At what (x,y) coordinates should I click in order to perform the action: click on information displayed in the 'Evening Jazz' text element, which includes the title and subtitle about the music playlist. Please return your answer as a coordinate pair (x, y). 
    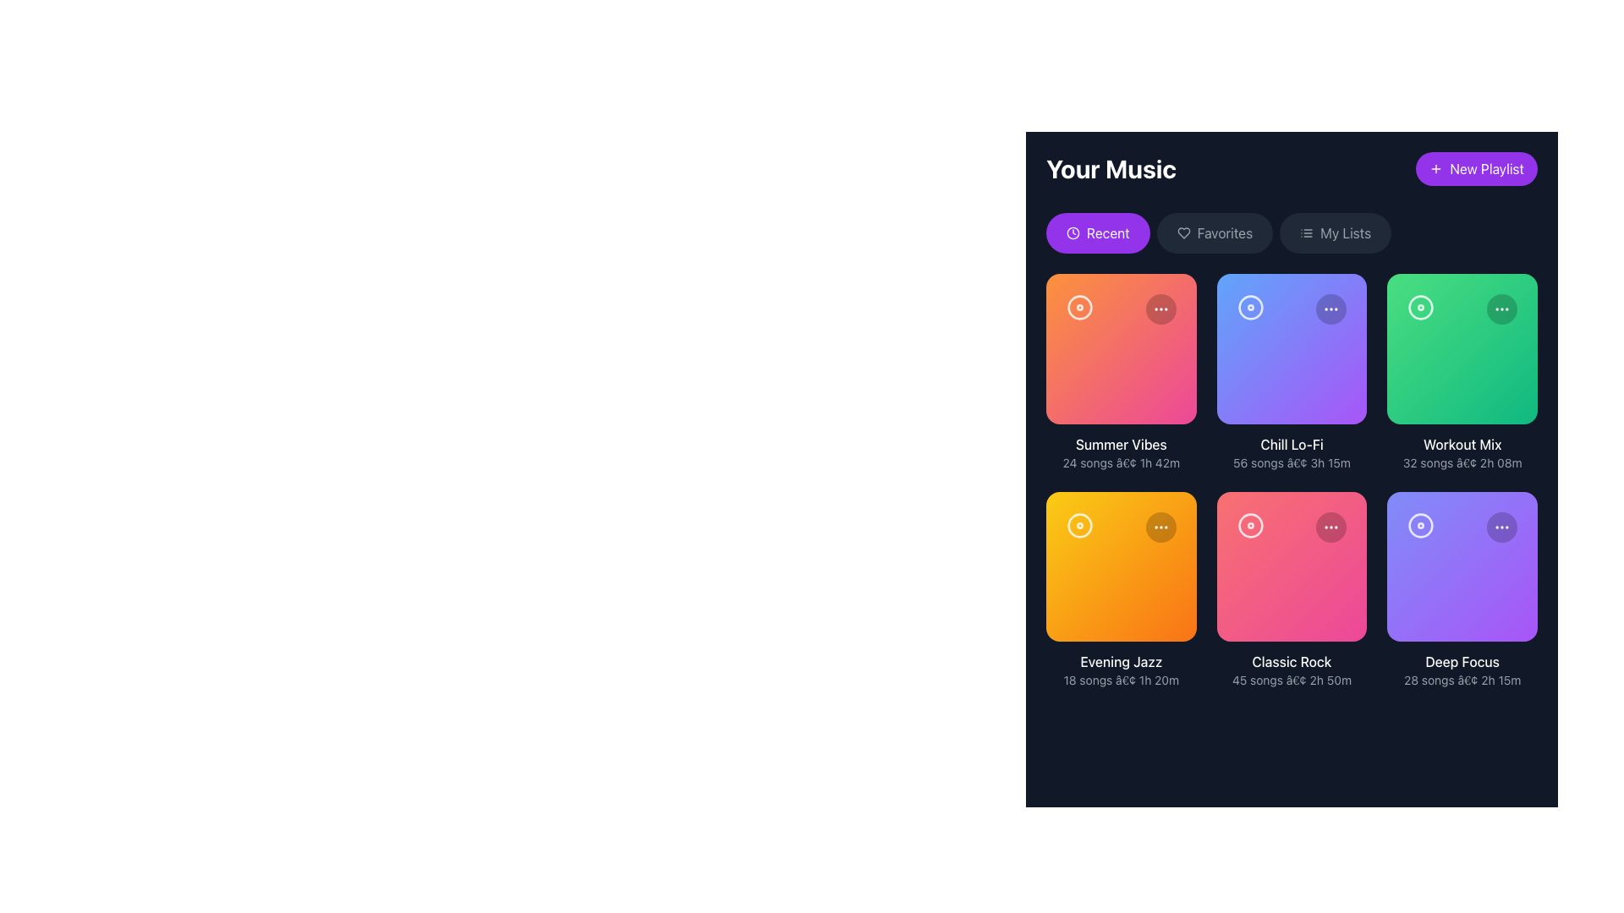
    Looking at the image, I should click on (1121, 670).